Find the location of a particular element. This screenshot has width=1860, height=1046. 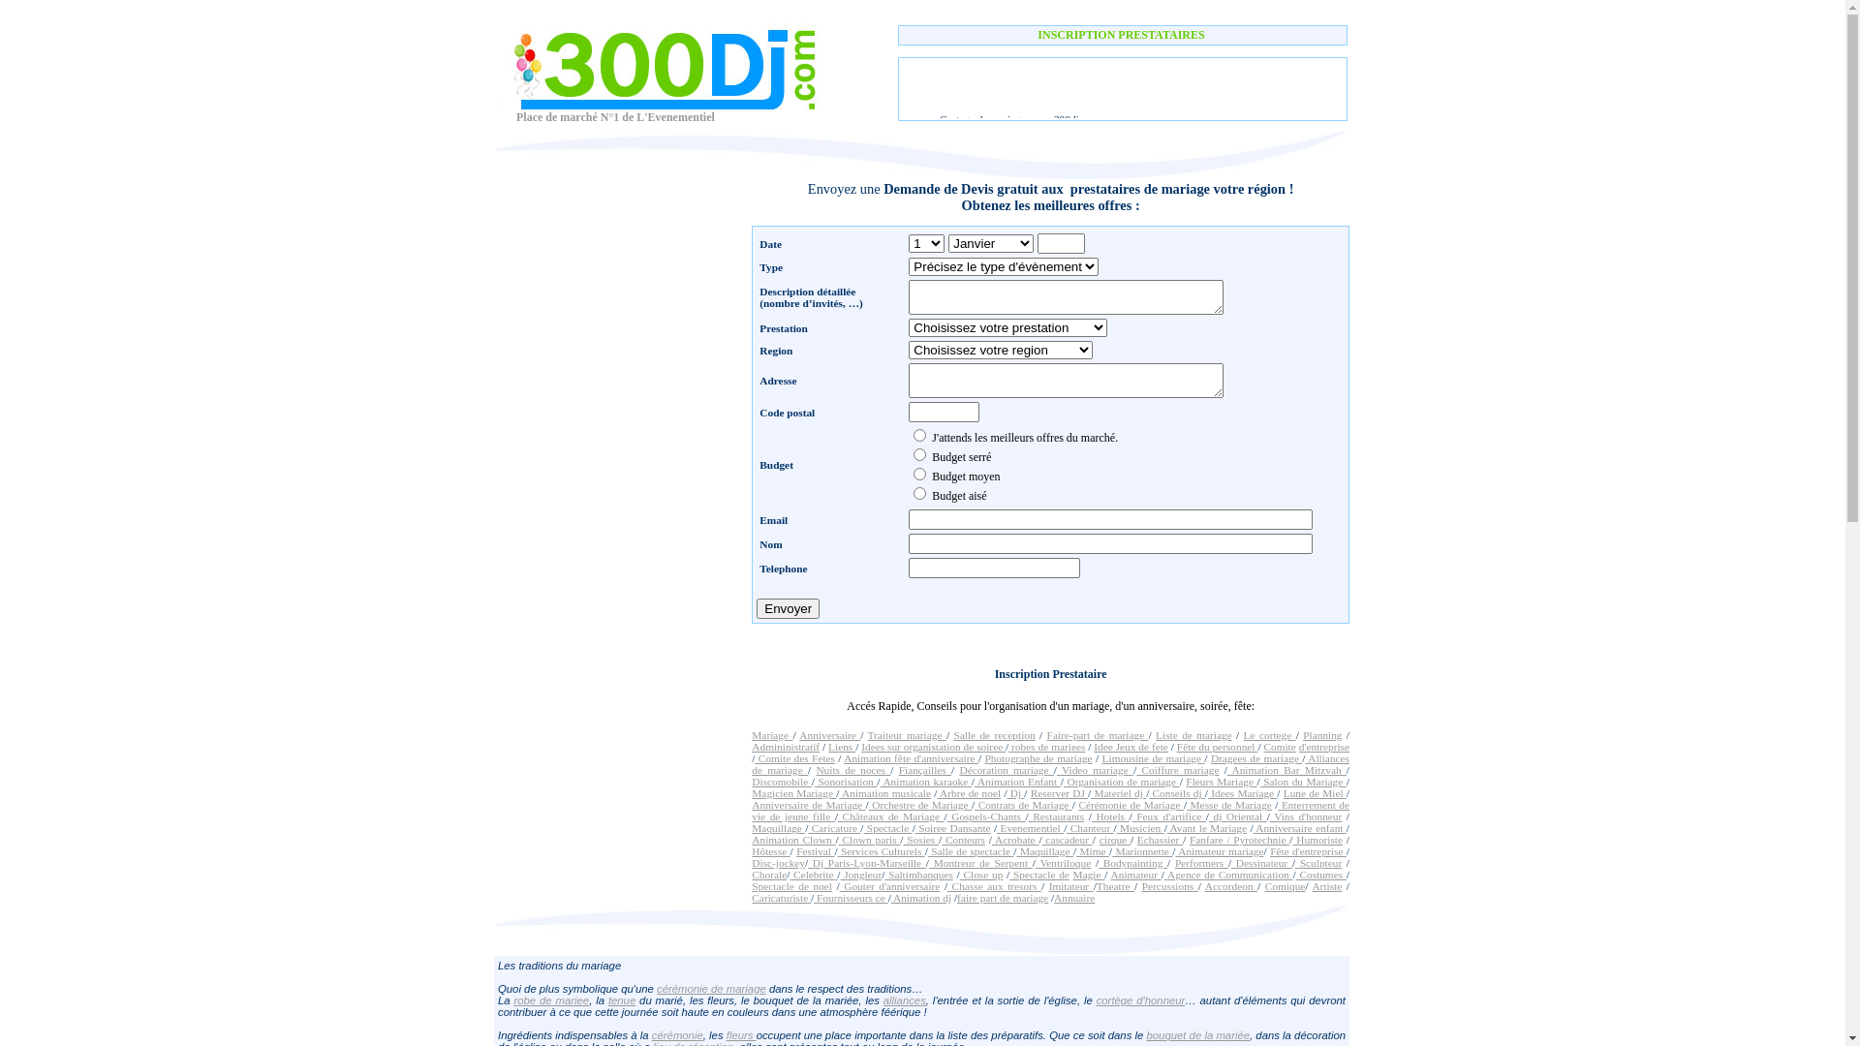

'cascadeur' is located at coordinates (1040, 839).